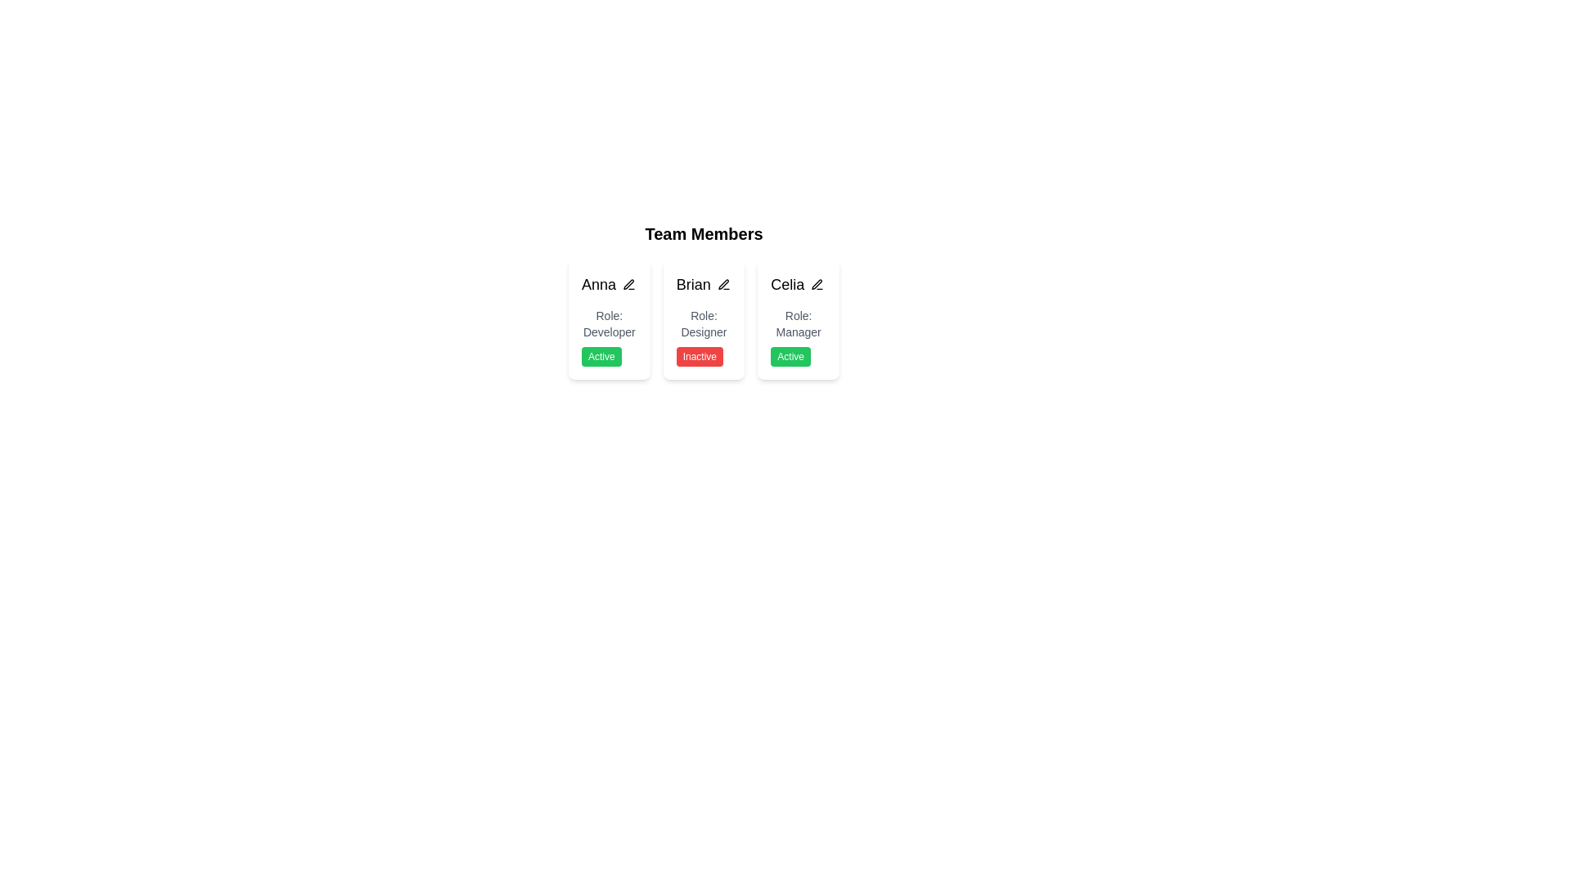 The image size is (1571, 884). Describe the element at coordinates (704, 324) in the screenshot. I see `the text label displaying 'Role: Designer' located in the central card for 'Brian' in the 'Team Members' section, positioned below the name 'Brian' and above the badge 'Inactive'` at that location.